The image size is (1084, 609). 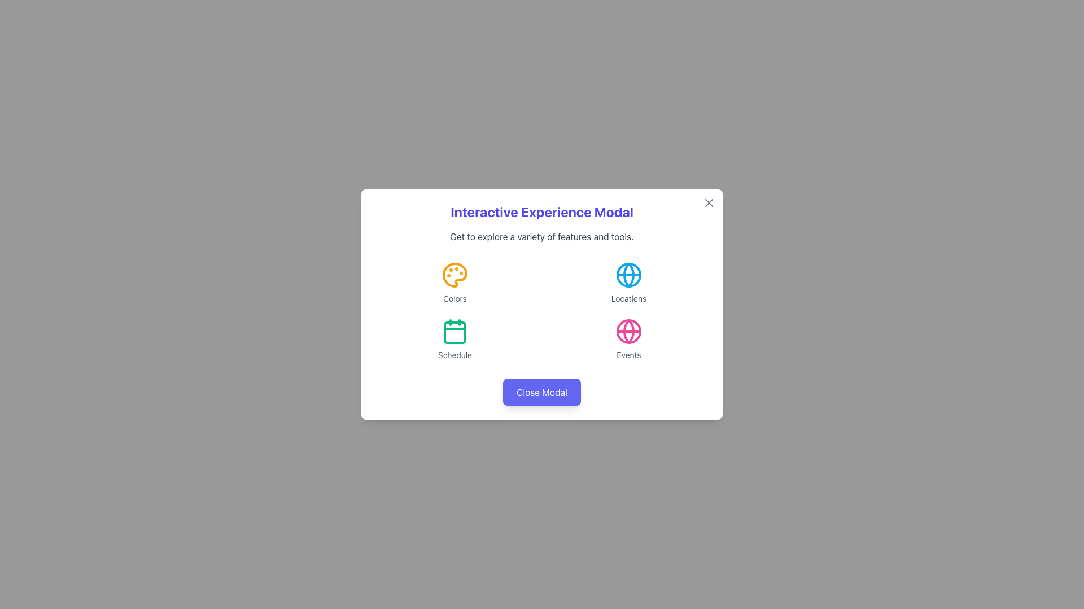 I want to click on the palette icon, which is a colored circular icon with small colored circles, located in the top-left corner of the grid with a label 'Colors' below it, so click(x=455, y=275).